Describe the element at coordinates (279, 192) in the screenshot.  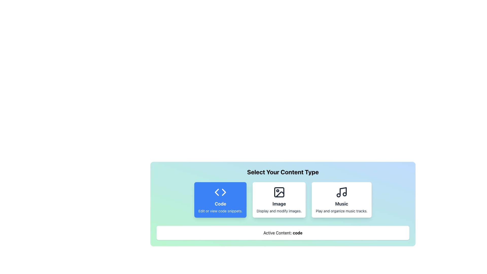
I see `the prominent rectangle that serves as the background frame for the image icon within the 'Image' option section` at that location.